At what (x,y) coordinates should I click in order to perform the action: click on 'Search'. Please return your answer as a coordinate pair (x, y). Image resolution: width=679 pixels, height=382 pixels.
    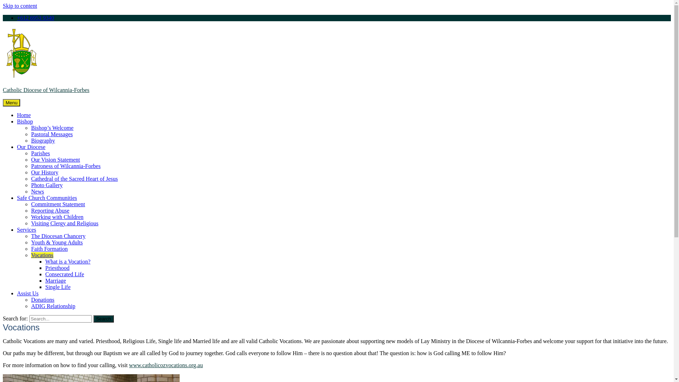
    Looking at the image, I should click on (93, 319).